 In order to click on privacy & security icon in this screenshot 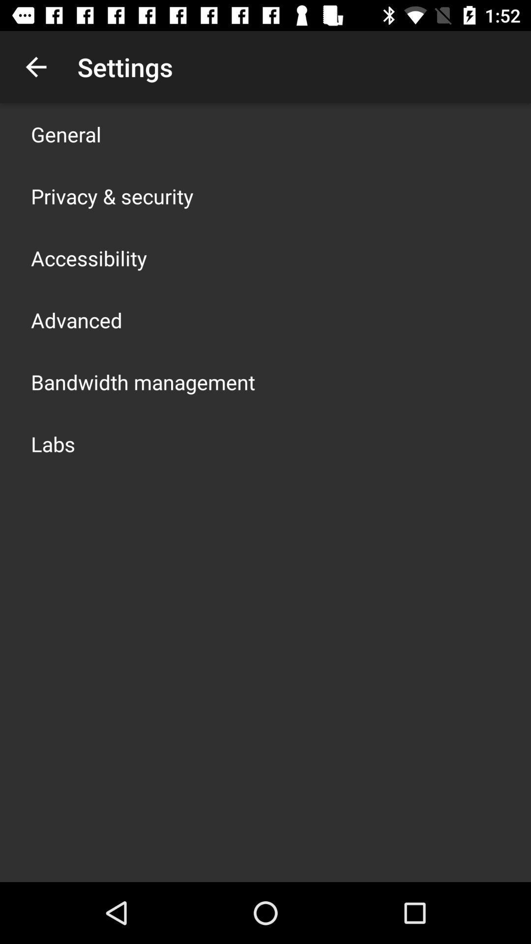, I will do `click(112, 196)`.